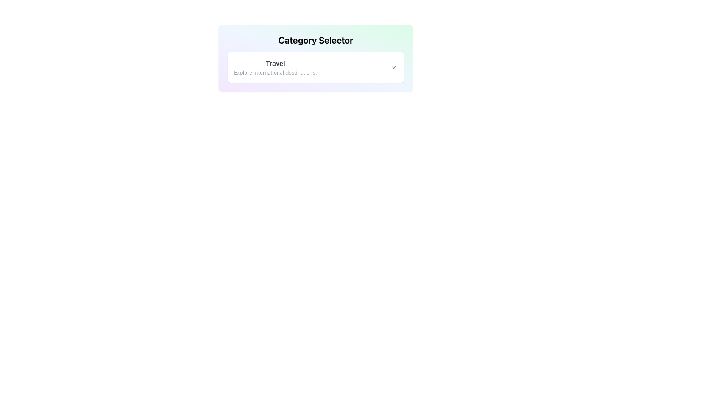 The width and height of the screenshot is (727, 409). Describe the element at coordinates (394, 67) in the screenshot. I see `the small downward-pointing chevron icon located at the top-right corner next to the 'Travel' text` at that location.